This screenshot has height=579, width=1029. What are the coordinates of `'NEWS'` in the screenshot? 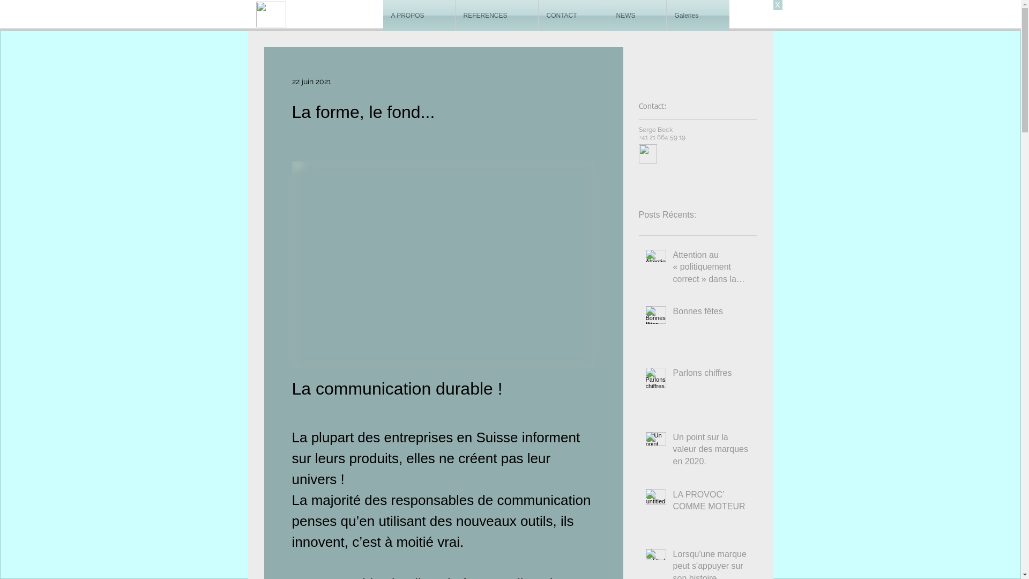 It's located at (636, 16).